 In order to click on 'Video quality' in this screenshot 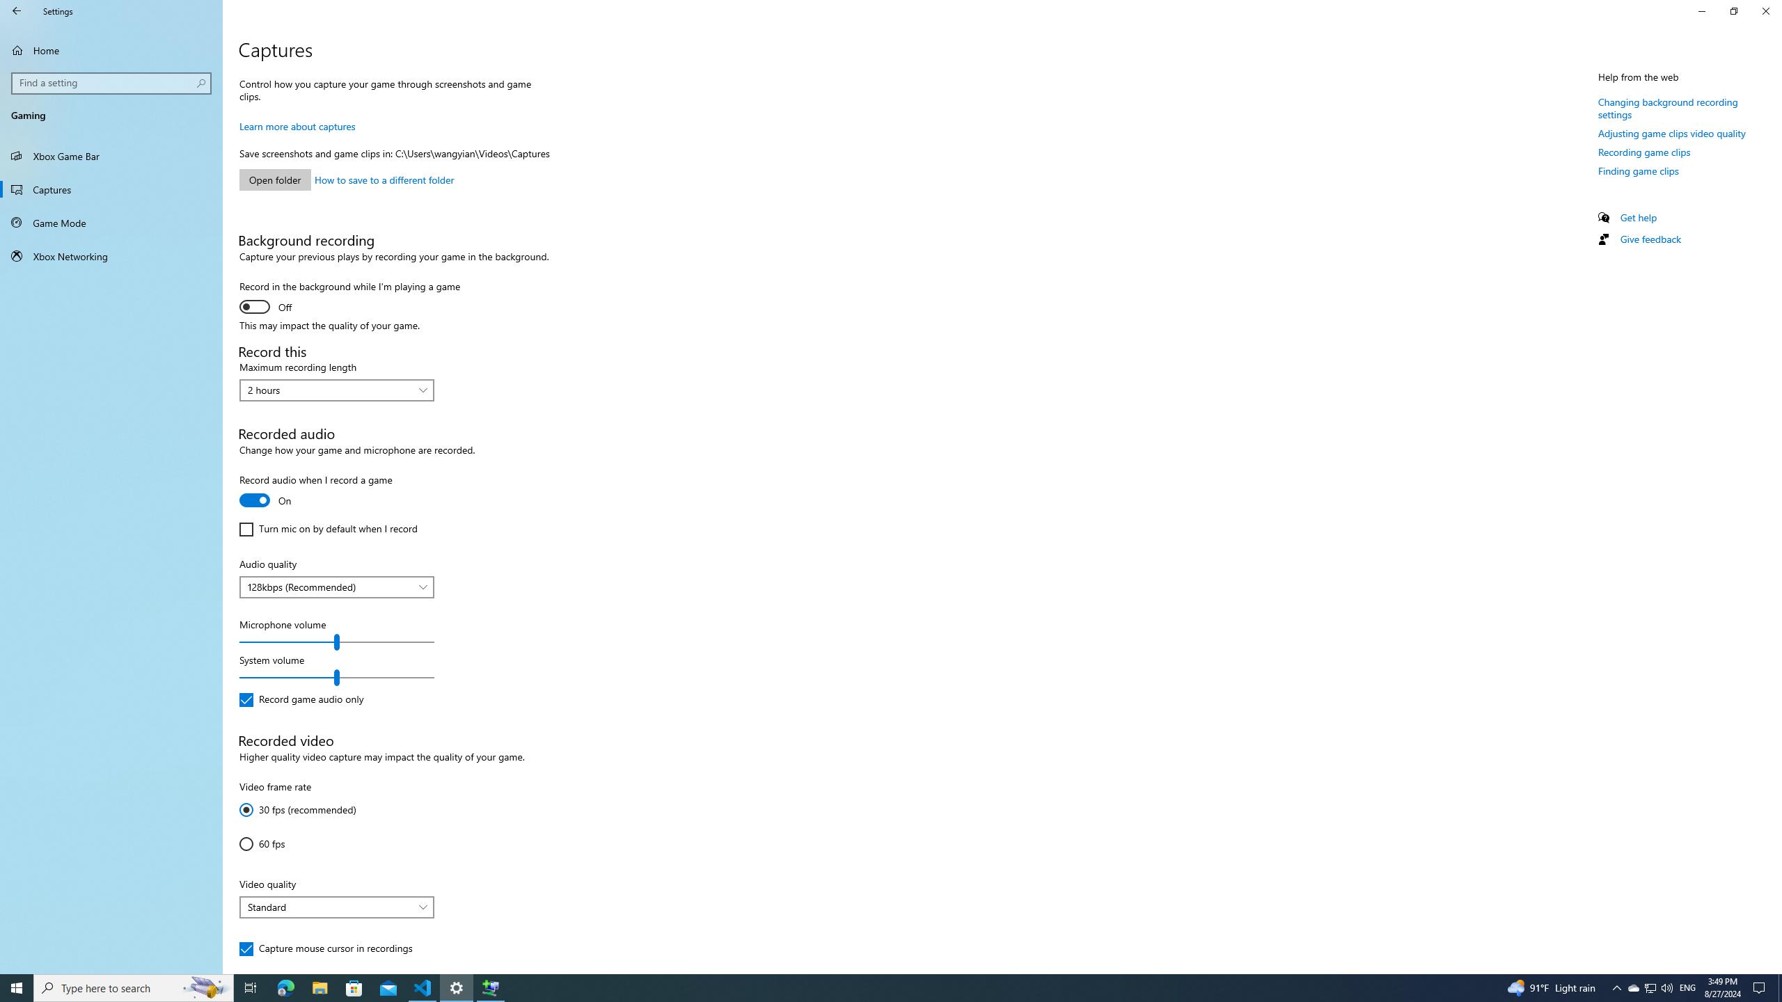, I will do `click(336, 906)`.